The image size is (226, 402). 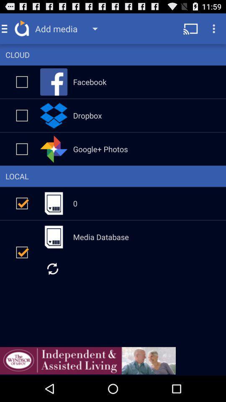 I want to click on reload, so click(x=52, y=268).